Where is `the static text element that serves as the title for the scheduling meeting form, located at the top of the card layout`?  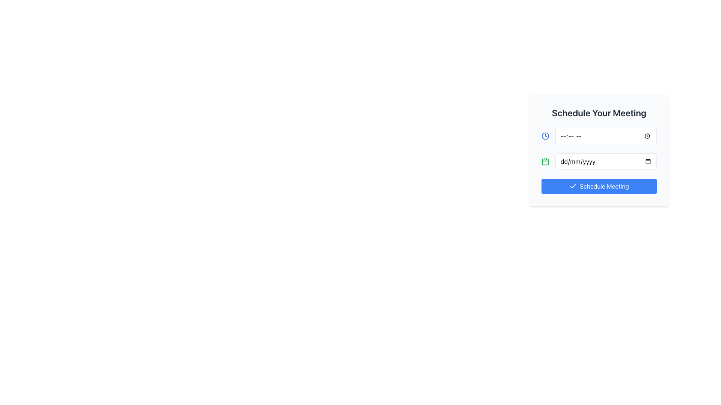 the static text element that serves as the title for the scheduling meeting form, located at the top of the card layout is located at coordinates (599, 112).